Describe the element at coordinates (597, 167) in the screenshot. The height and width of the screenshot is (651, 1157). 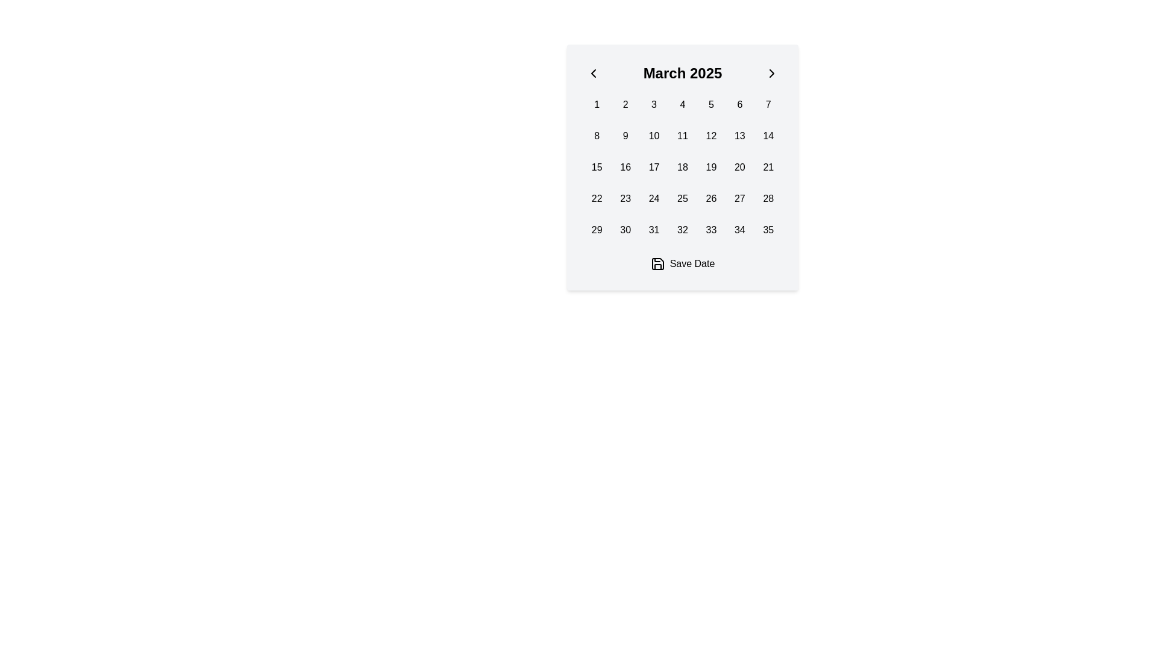
I see `the button displaying the number '15' in the date-picker interface under the header 'March 2025'` at that location.